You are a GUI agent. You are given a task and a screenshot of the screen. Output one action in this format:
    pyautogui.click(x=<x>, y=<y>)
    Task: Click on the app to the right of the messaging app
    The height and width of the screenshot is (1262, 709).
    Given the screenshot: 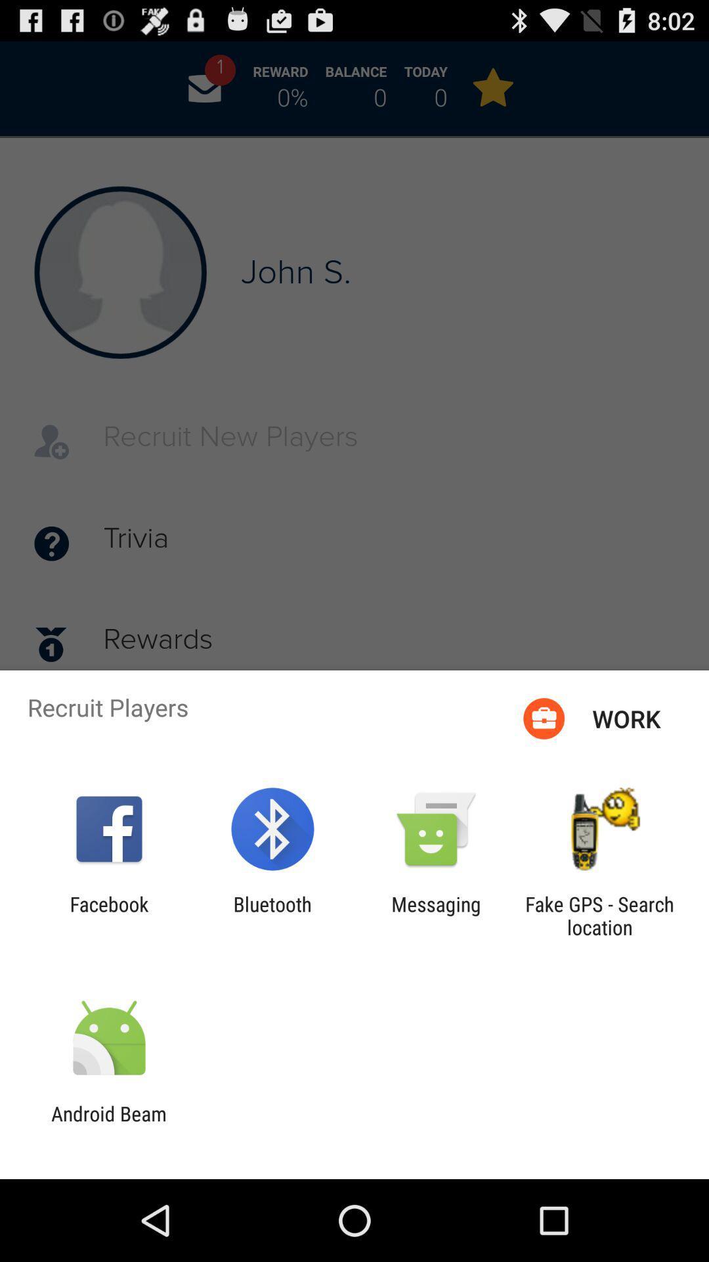 What is the action you would take?
    pyautogui.click(x=599, y=915)
    